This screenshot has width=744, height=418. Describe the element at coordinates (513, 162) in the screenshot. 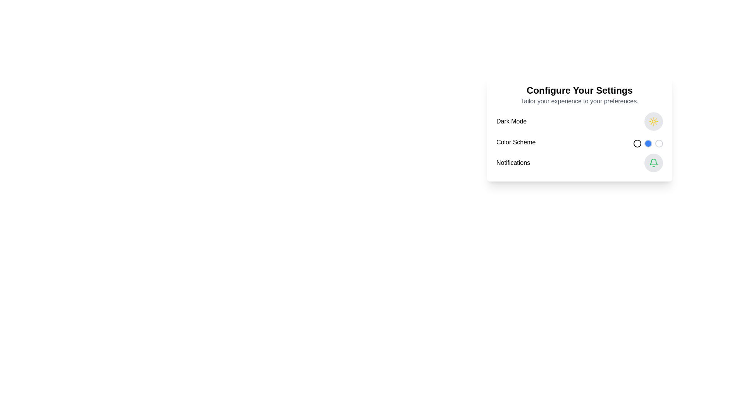

I see `the text label indicating the notifications section, located below the 'Color Scheme' option and aligned with other text elements in the card` at that location.